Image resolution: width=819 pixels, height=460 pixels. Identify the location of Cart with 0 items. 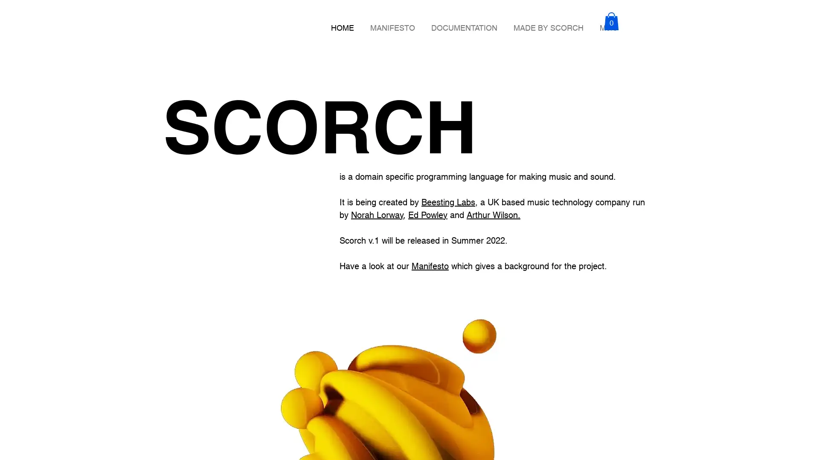
(611, 20).